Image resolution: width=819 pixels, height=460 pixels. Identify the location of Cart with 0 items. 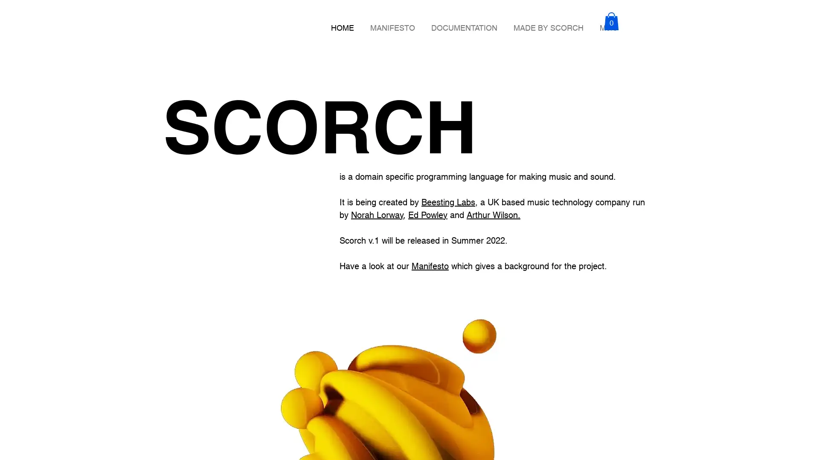
(611, 20).